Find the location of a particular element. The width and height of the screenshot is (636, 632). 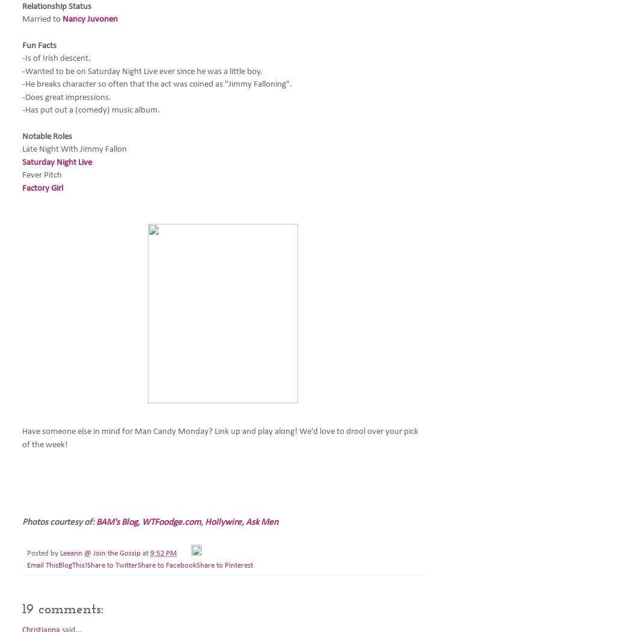

'Ask Men' is located at coordinates (262, 521).